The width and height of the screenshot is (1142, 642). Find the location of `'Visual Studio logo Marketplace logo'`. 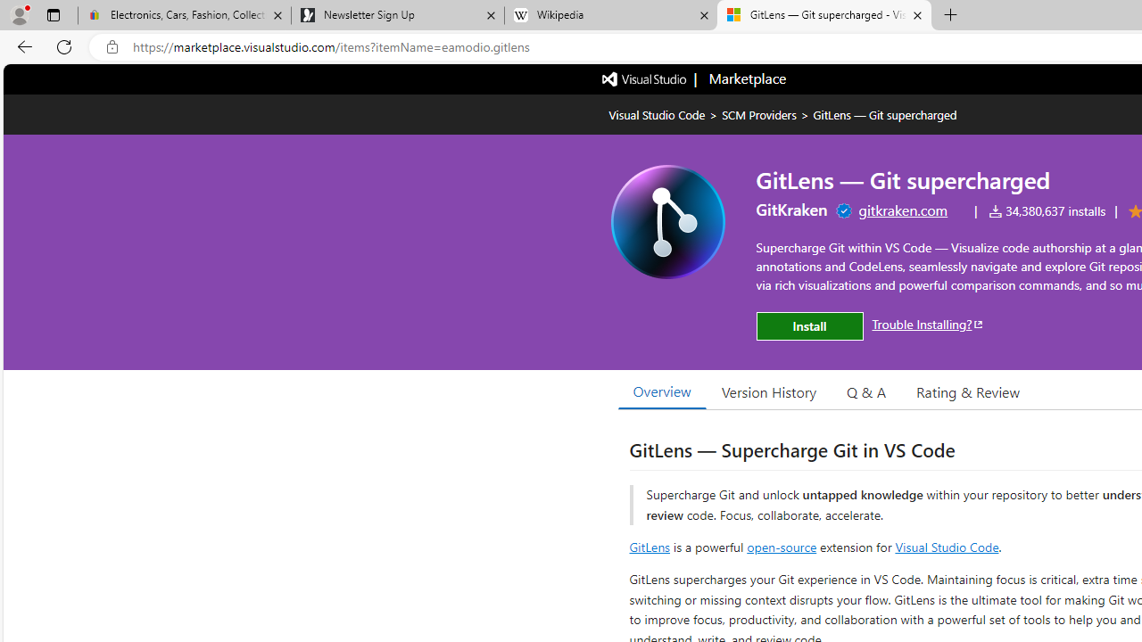

'Visual Studio logo Marketplace logo' is located at coordinates (691, 78).